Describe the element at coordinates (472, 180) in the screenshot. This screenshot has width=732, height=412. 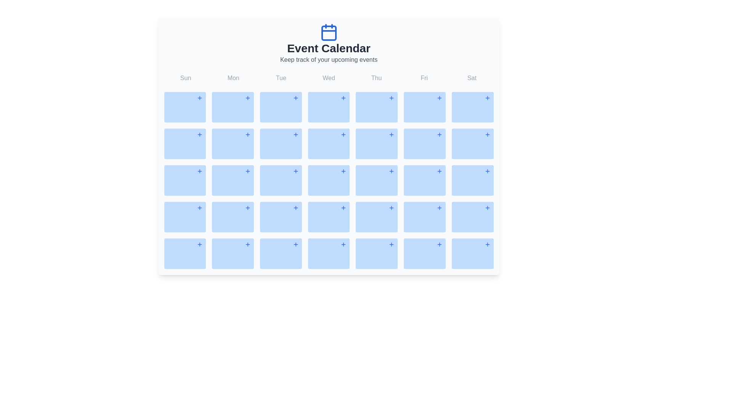
I see `the Calendar Day Cell located in the sixth position of the third row of the grid` at that location.